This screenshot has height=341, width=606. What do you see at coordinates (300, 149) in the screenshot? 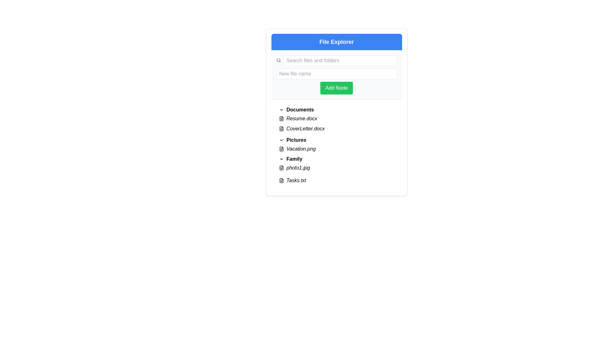
I see `the file named 'Vacation.png' located` at bounding box center [300, 149].